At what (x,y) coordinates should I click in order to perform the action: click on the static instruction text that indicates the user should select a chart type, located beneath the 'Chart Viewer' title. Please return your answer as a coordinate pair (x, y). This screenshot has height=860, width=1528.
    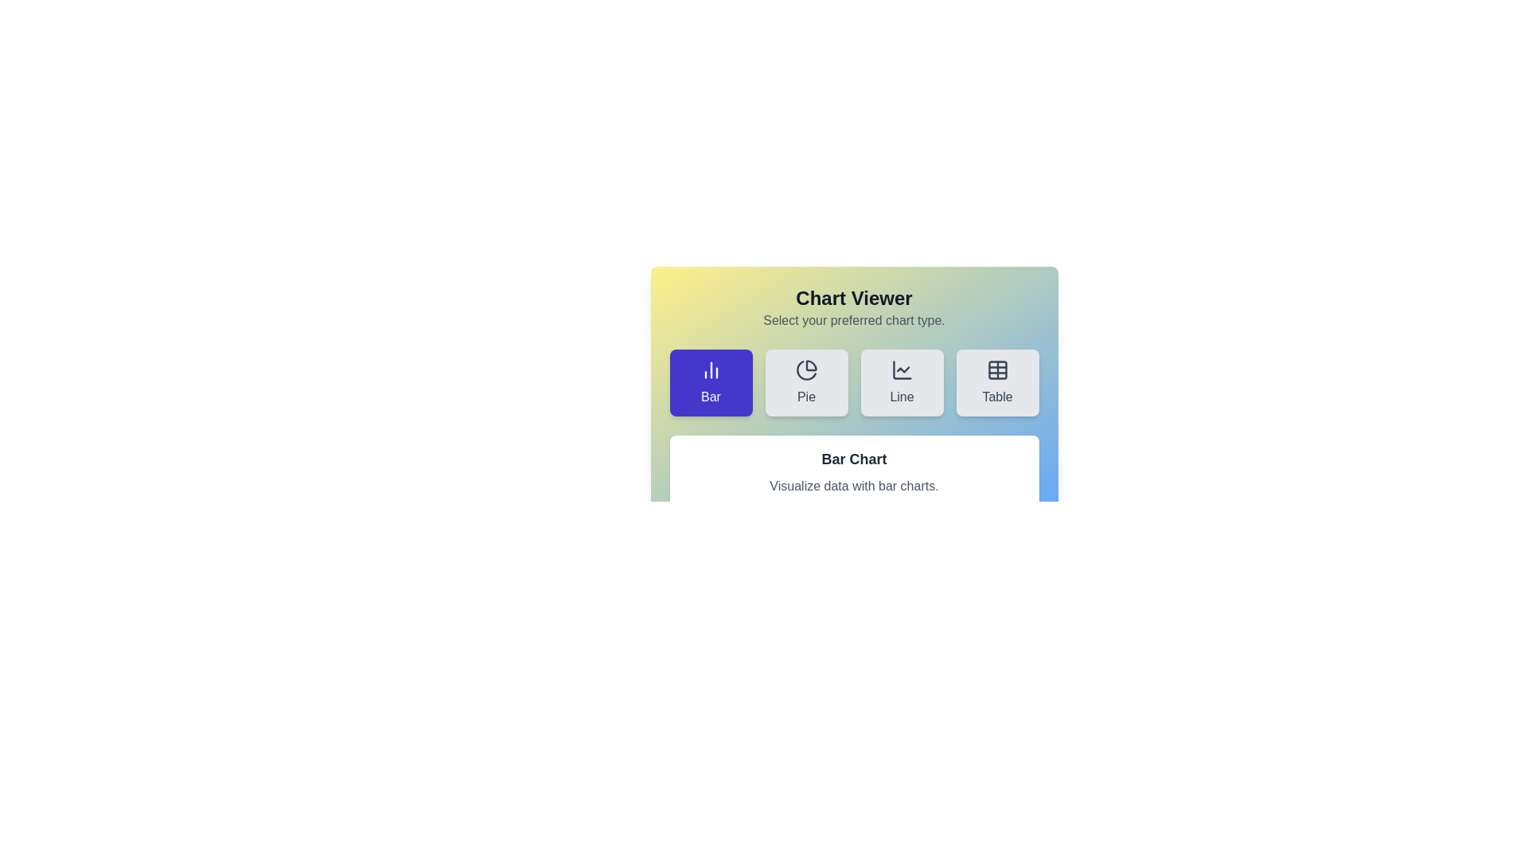
    Looking at the image, I should click on (853, 320).